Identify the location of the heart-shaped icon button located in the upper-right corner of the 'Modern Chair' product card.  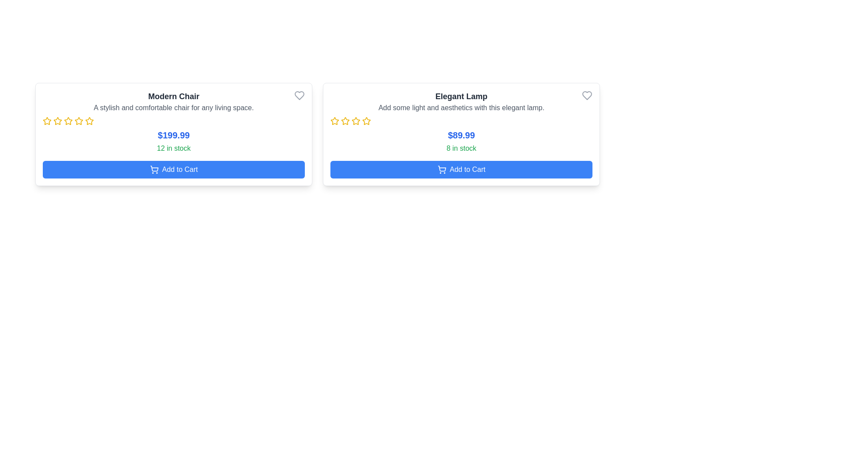
(299, 95).